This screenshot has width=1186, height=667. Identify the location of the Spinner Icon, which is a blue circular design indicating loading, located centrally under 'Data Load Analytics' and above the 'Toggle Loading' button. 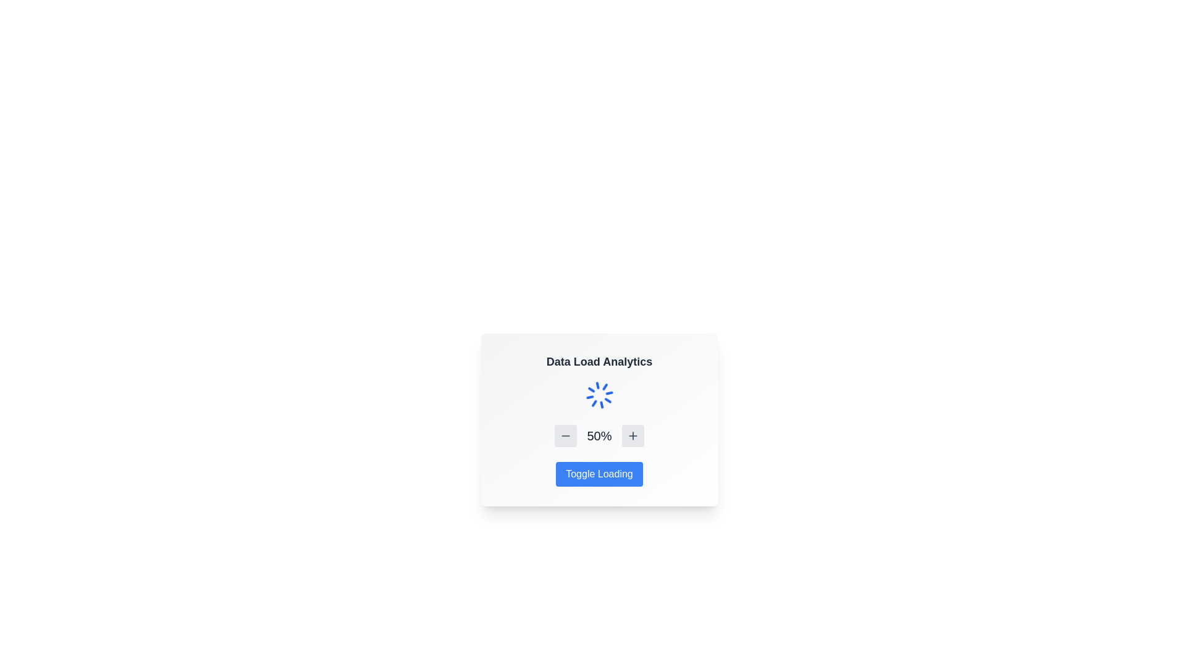
(599, 395).